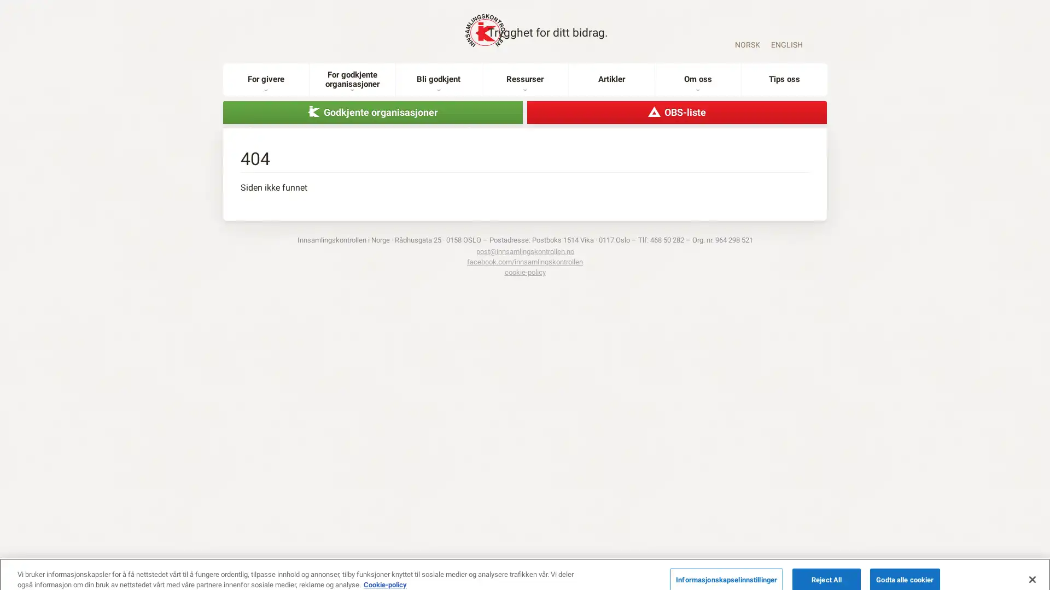 The width and height of the screenshot is (1050, 590). Describe the element at coordinates (726, 566) in the screenshot. I see `Informasjonskapselinnstillinger` at that location.